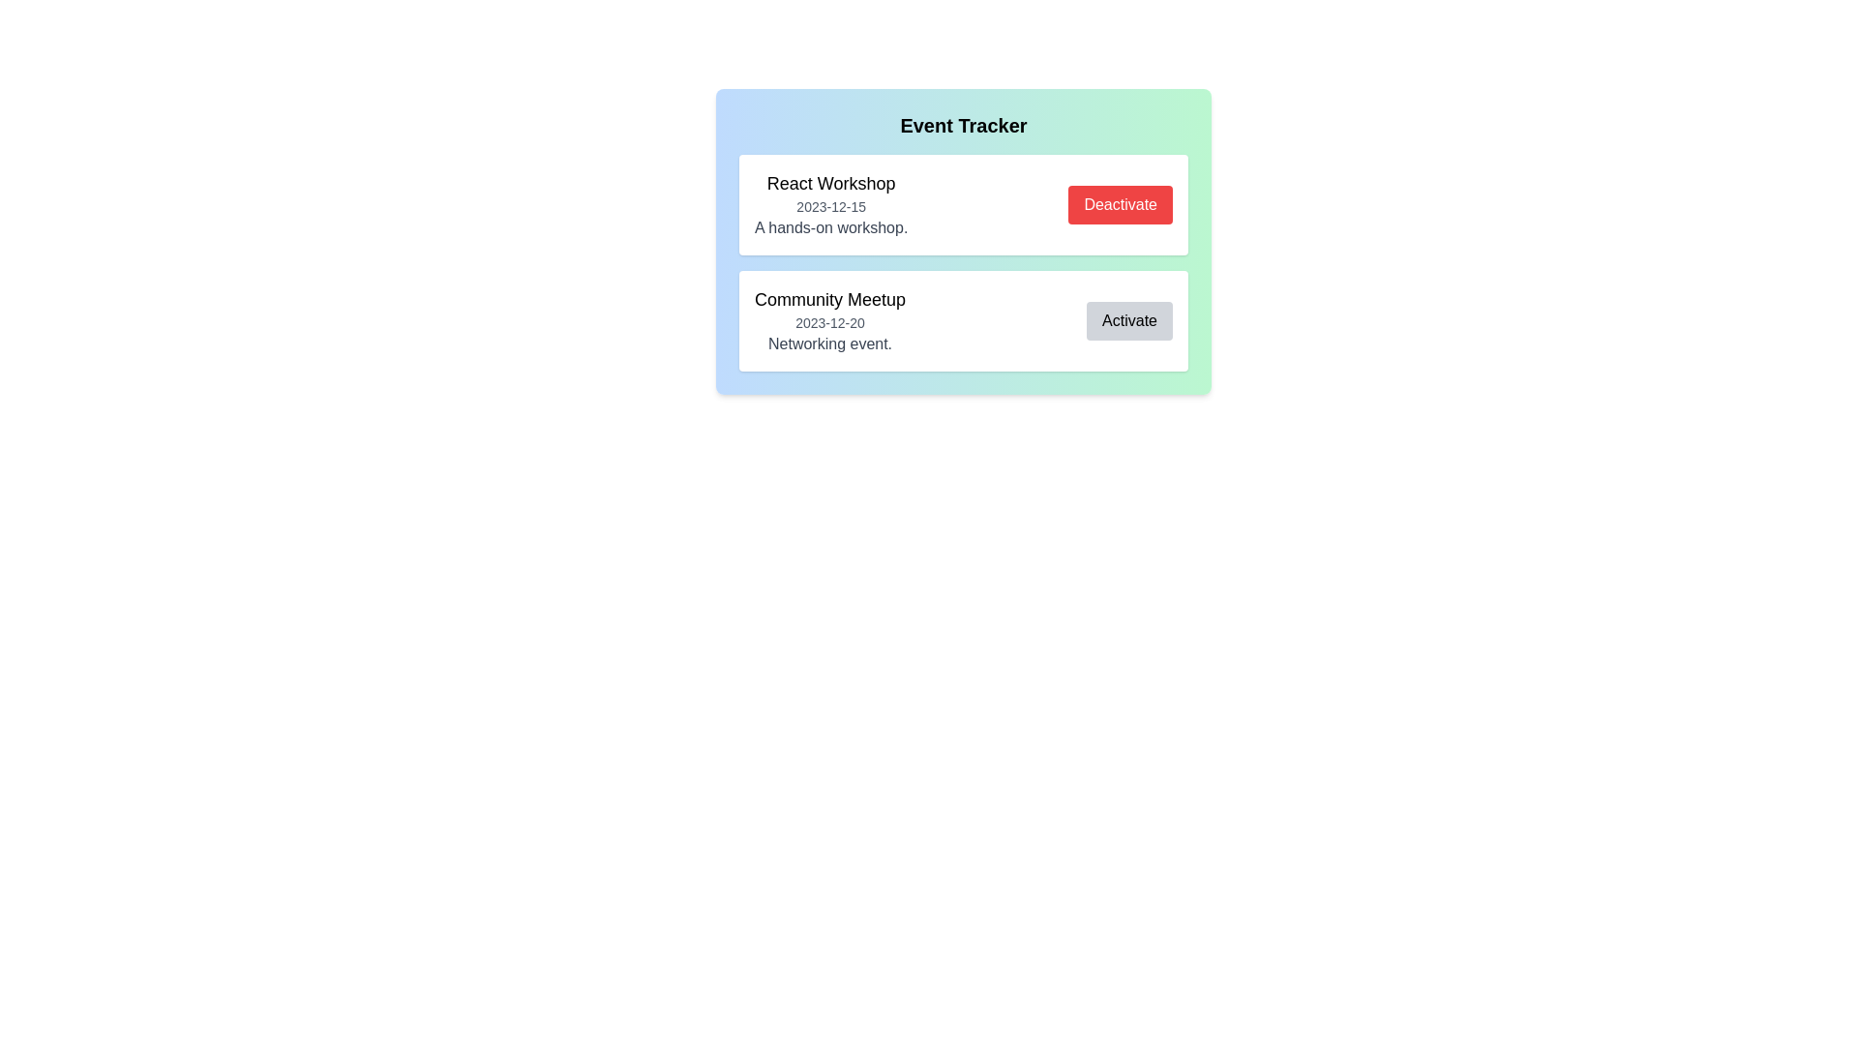 This screenshot has width=1858, height=1045. What do you see at coordinates (831, 205) in the screenshot?
I see `the details of the event titled React Workshop` at bounding box center [831, 205].